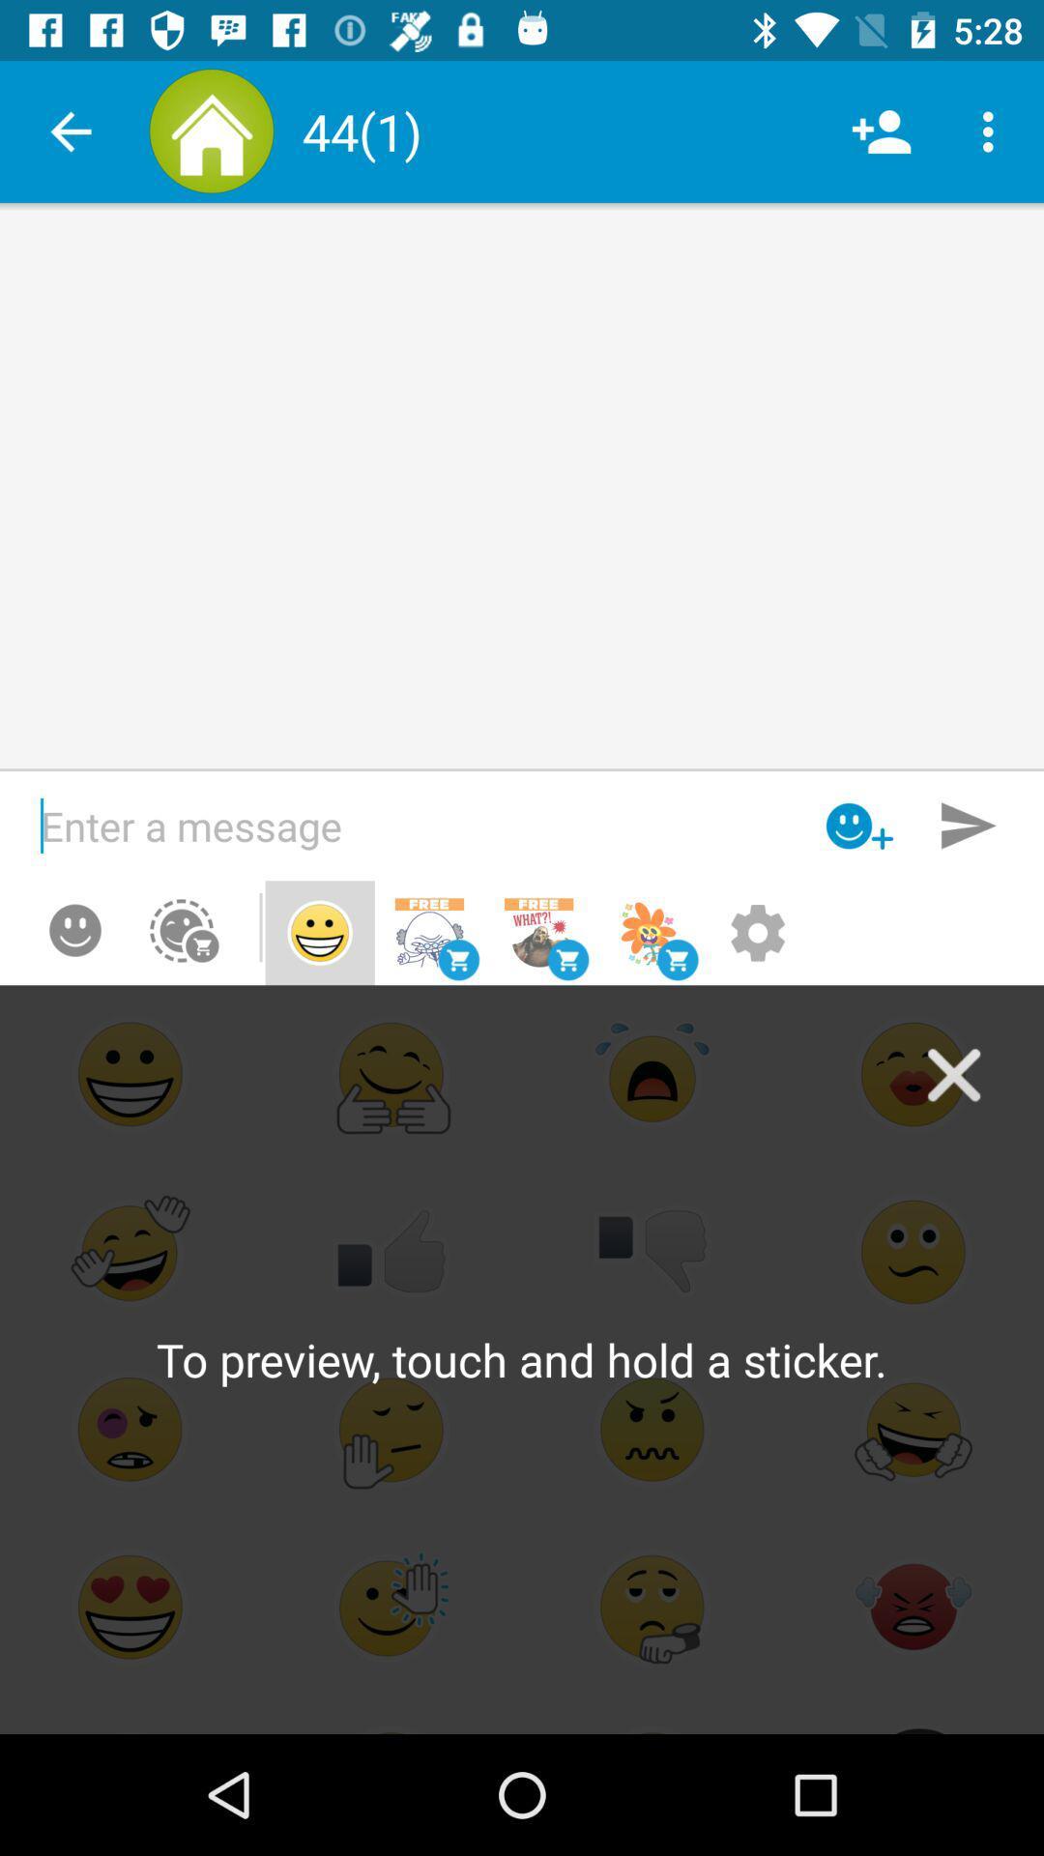  Describe the element at coordinates (881, 130) in the screenshot. I see `item next to the (1) icon` at that location.